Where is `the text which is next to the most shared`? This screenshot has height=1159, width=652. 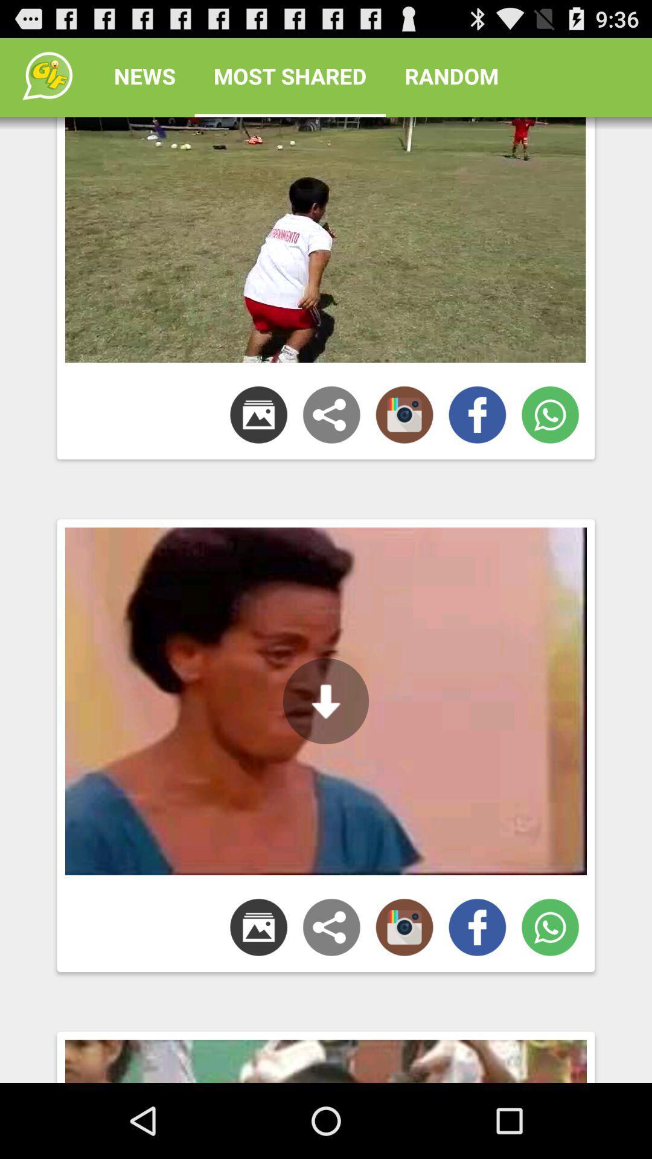 the text which is next to the most shared is located at coordinates (452, 75).